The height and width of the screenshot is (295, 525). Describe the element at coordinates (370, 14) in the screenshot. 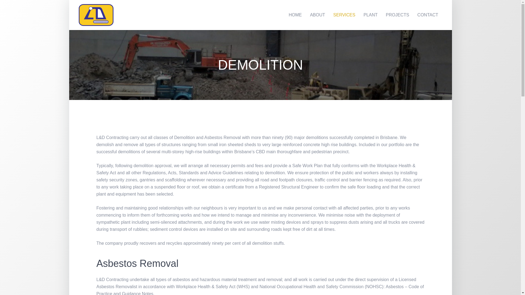

I see `'PLANT'` at that location.